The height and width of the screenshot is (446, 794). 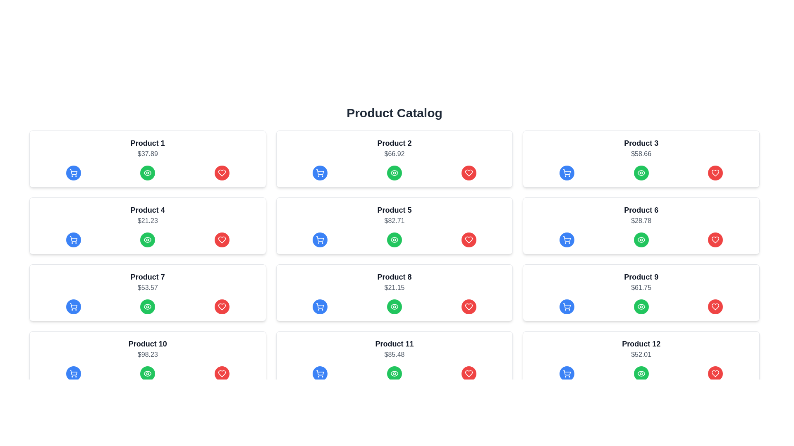 What do you see at coordinates (567, 173) in the screenshot?
I see `the 'Add to Cart' button for 'Product 3' located in the first row, third column of the product grid layout` at bounding box center [567, 173].